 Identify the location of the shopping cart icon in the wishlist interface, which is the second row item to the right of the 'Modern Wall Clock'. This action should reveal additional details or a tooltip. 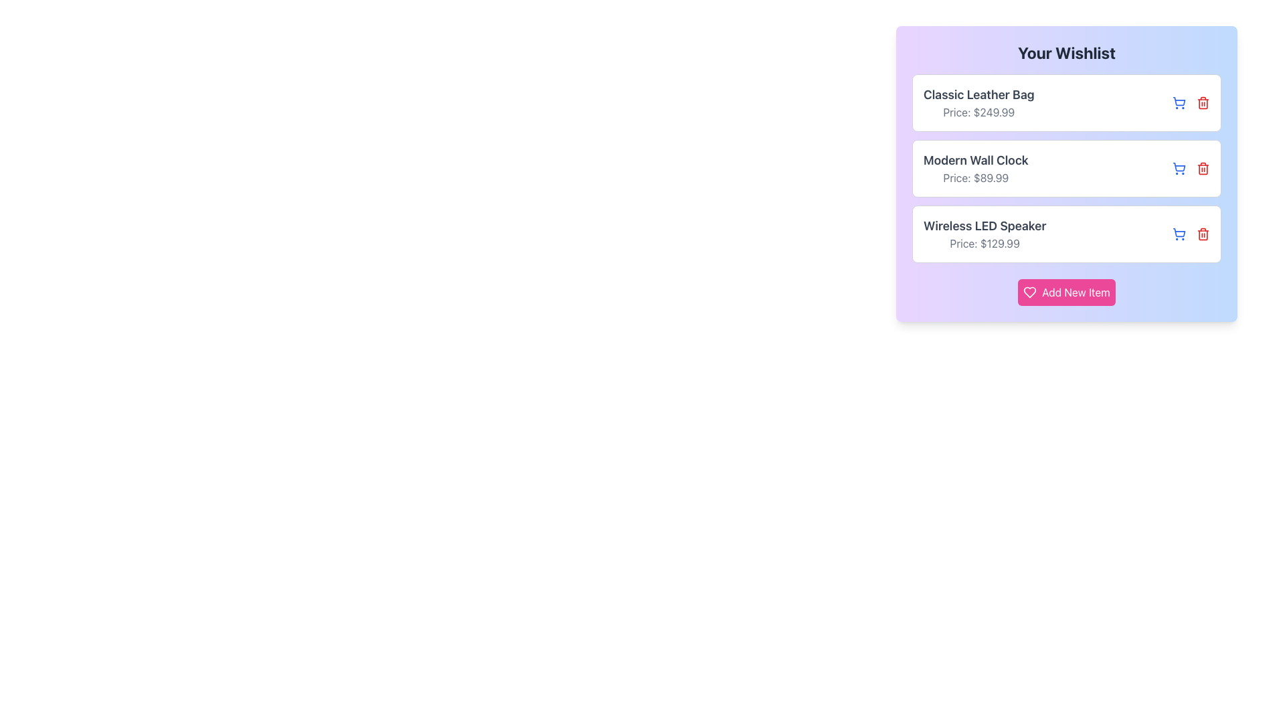
(1179, 166).